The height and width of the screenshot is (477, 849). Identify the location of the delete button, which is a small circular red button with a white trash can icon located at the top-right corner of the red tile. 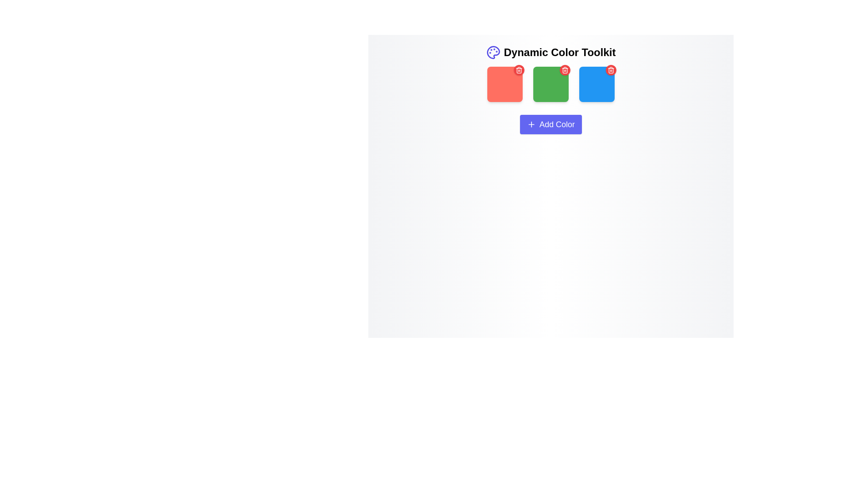
(519, 69).